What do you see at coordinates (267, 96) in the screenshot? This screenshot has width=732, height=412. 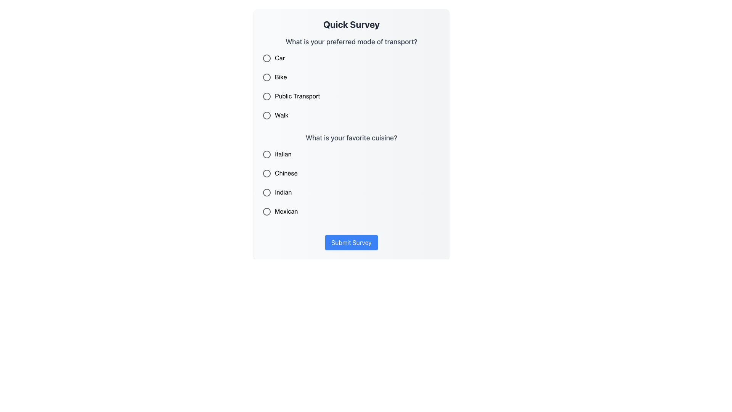 I see `the selected radio button for 'Public Transport' to choose this option in the survey form` at bounding box center [267, 96].